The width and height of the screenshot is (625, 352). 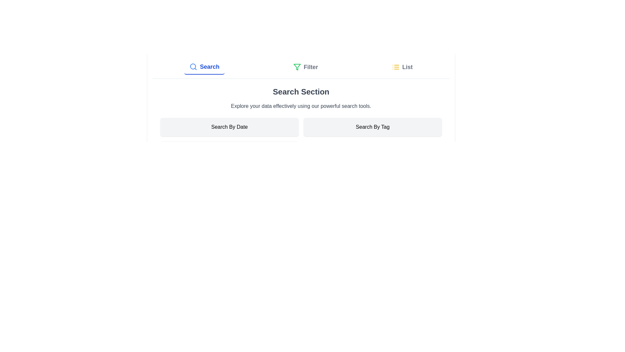 I want to click on the Filter tab by clicking on it, so click(x=305, y=67).